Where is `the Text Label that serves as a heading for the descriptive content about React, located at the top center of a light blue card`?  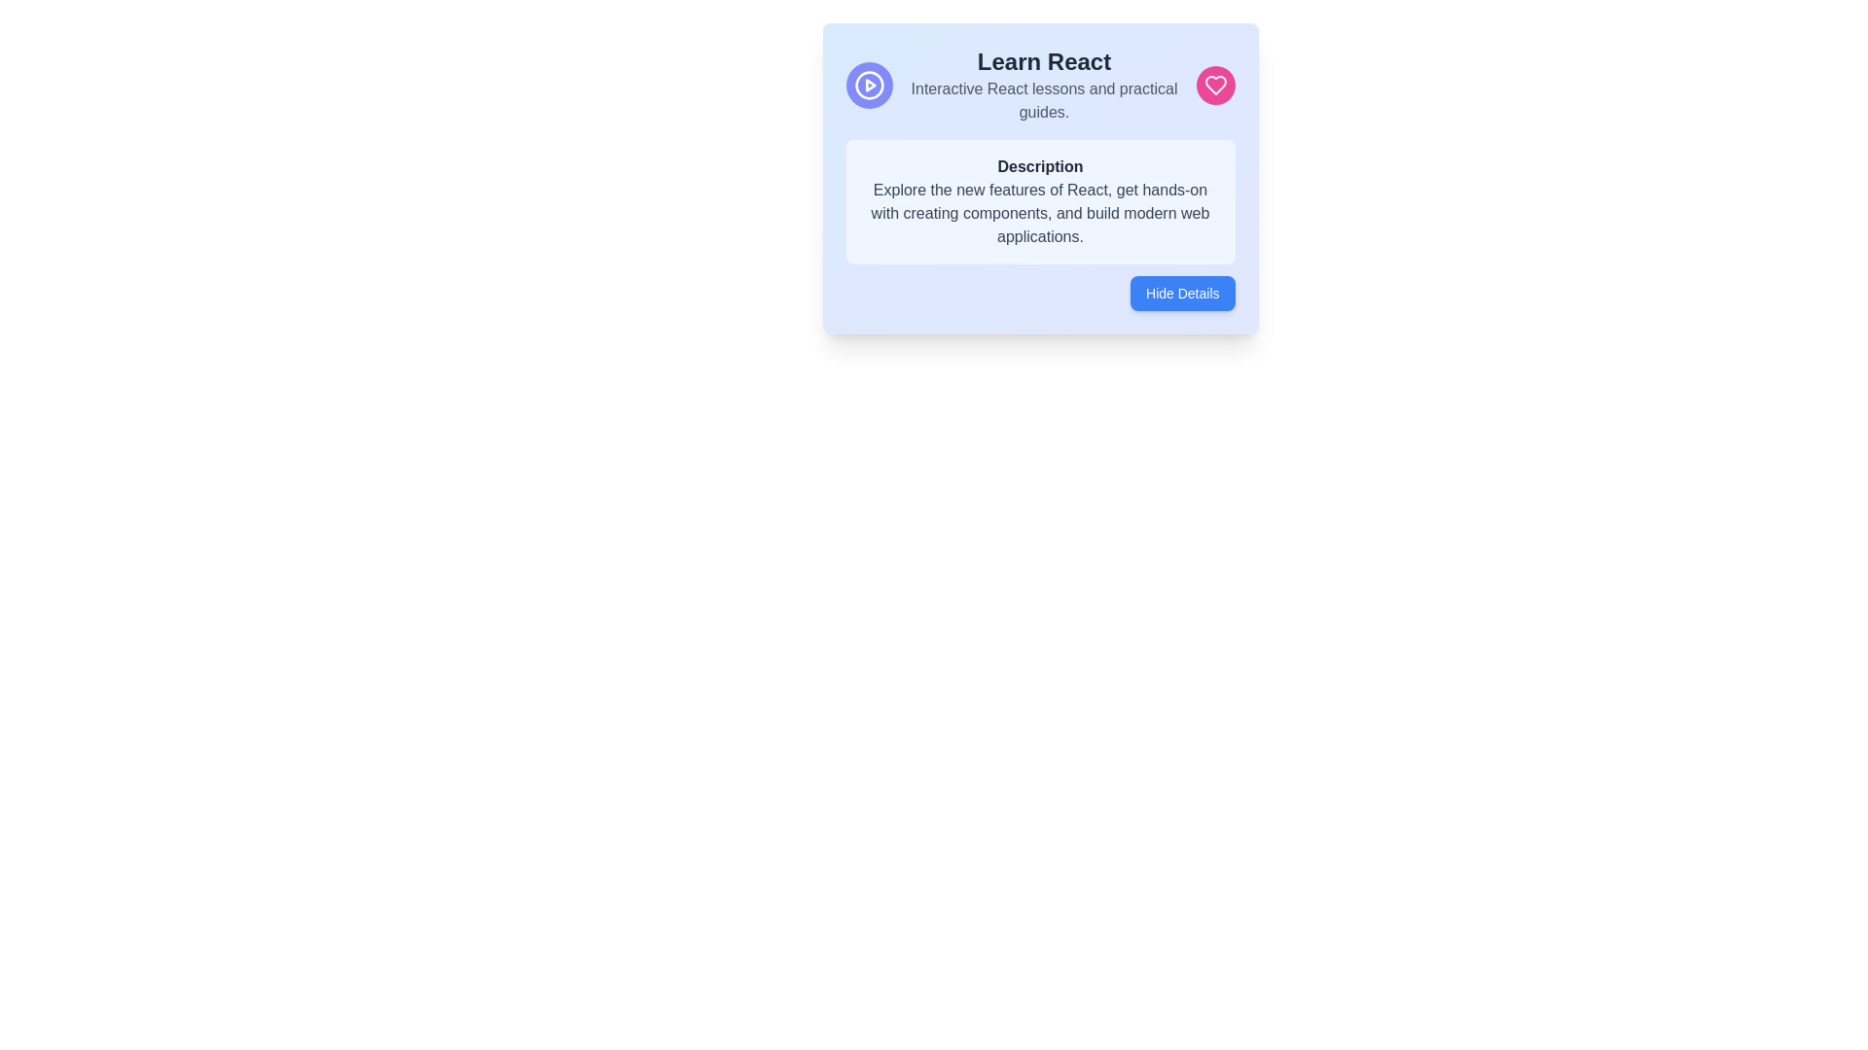
the Text Label that serves as a heading for the descriptive content about React, located at the top center of a light blue card is located at coordinates (1039, 166).